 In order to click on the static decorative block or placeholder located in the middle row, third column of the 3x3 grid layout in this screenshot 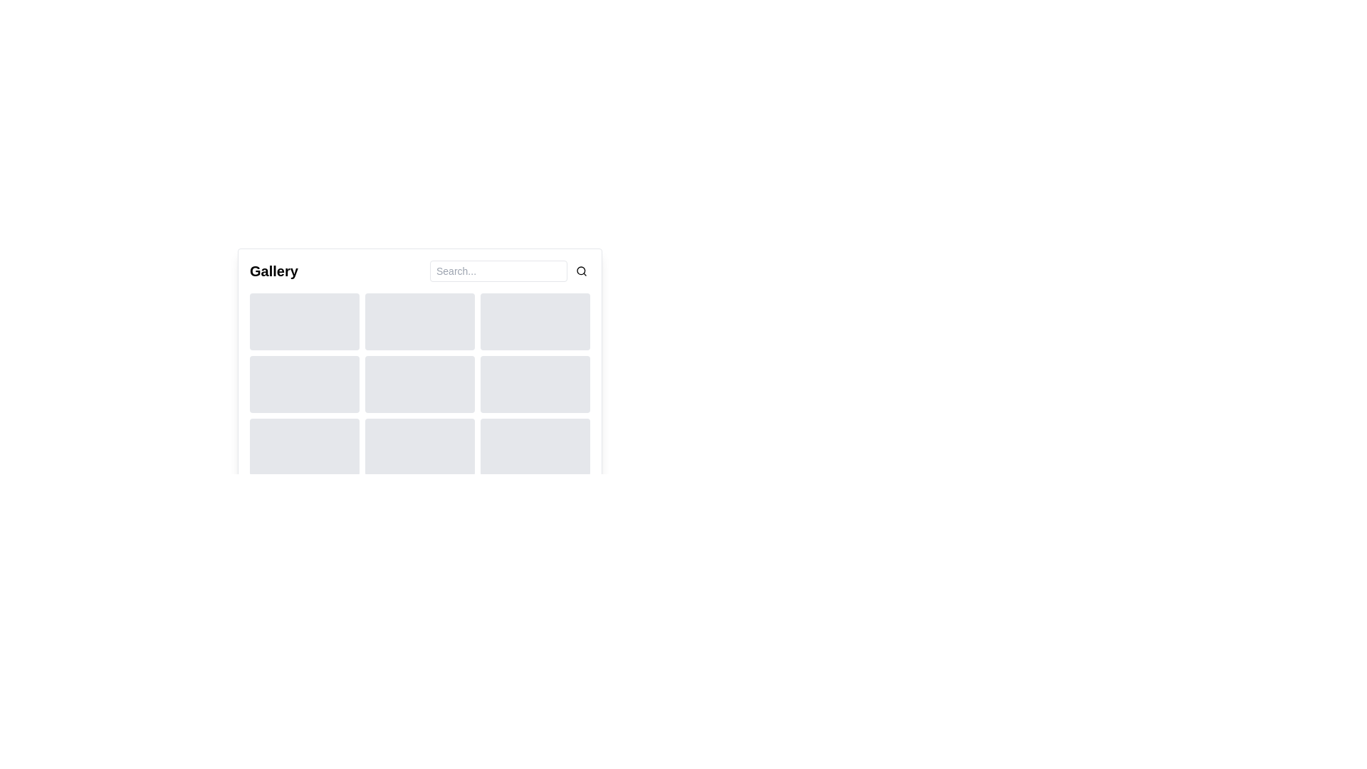, I will do `click(535, 384)`.